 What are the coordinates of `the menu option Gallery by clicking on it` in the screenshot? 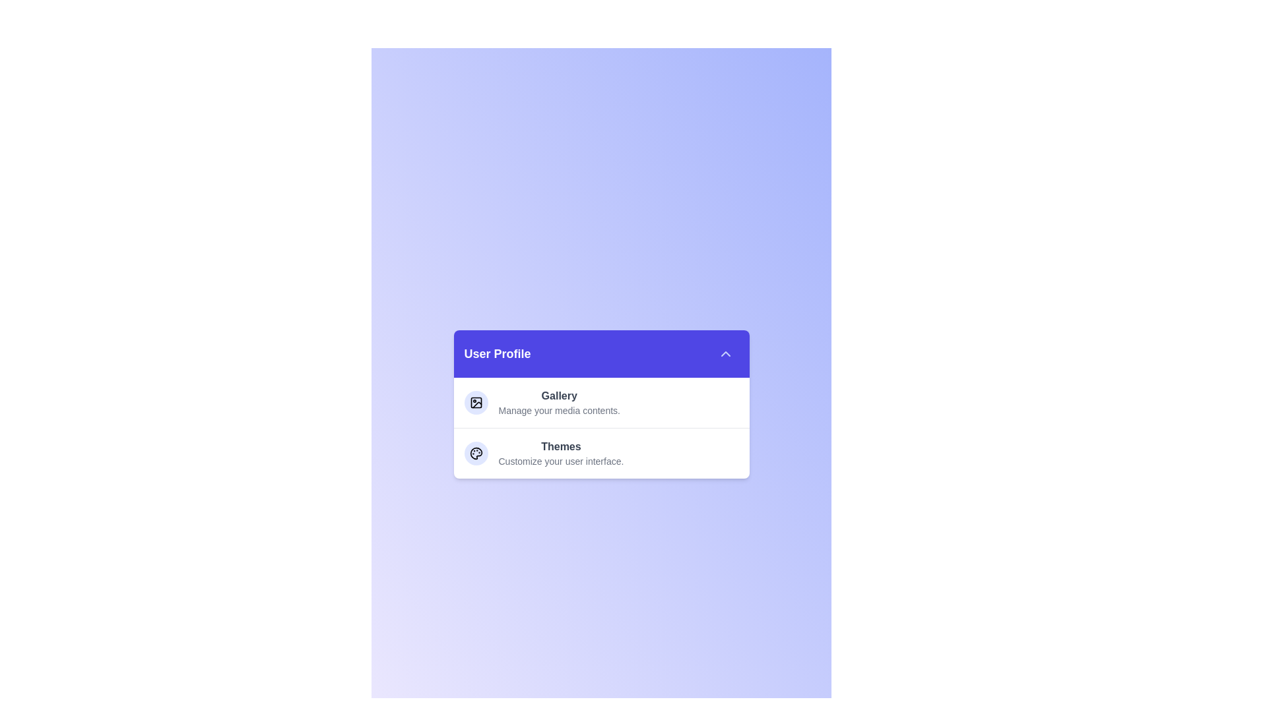 It's located at (559, 401).